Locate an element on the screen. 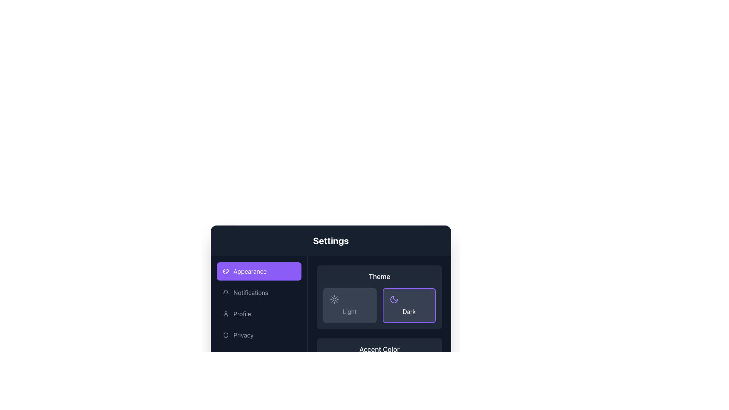 The height and width of the screenshot is (410, 729). the 'Settings' section header, which is displayed as bold, white text on a dark gray background, centrally positioned above navigation elements is located at coordinates (331, 241).